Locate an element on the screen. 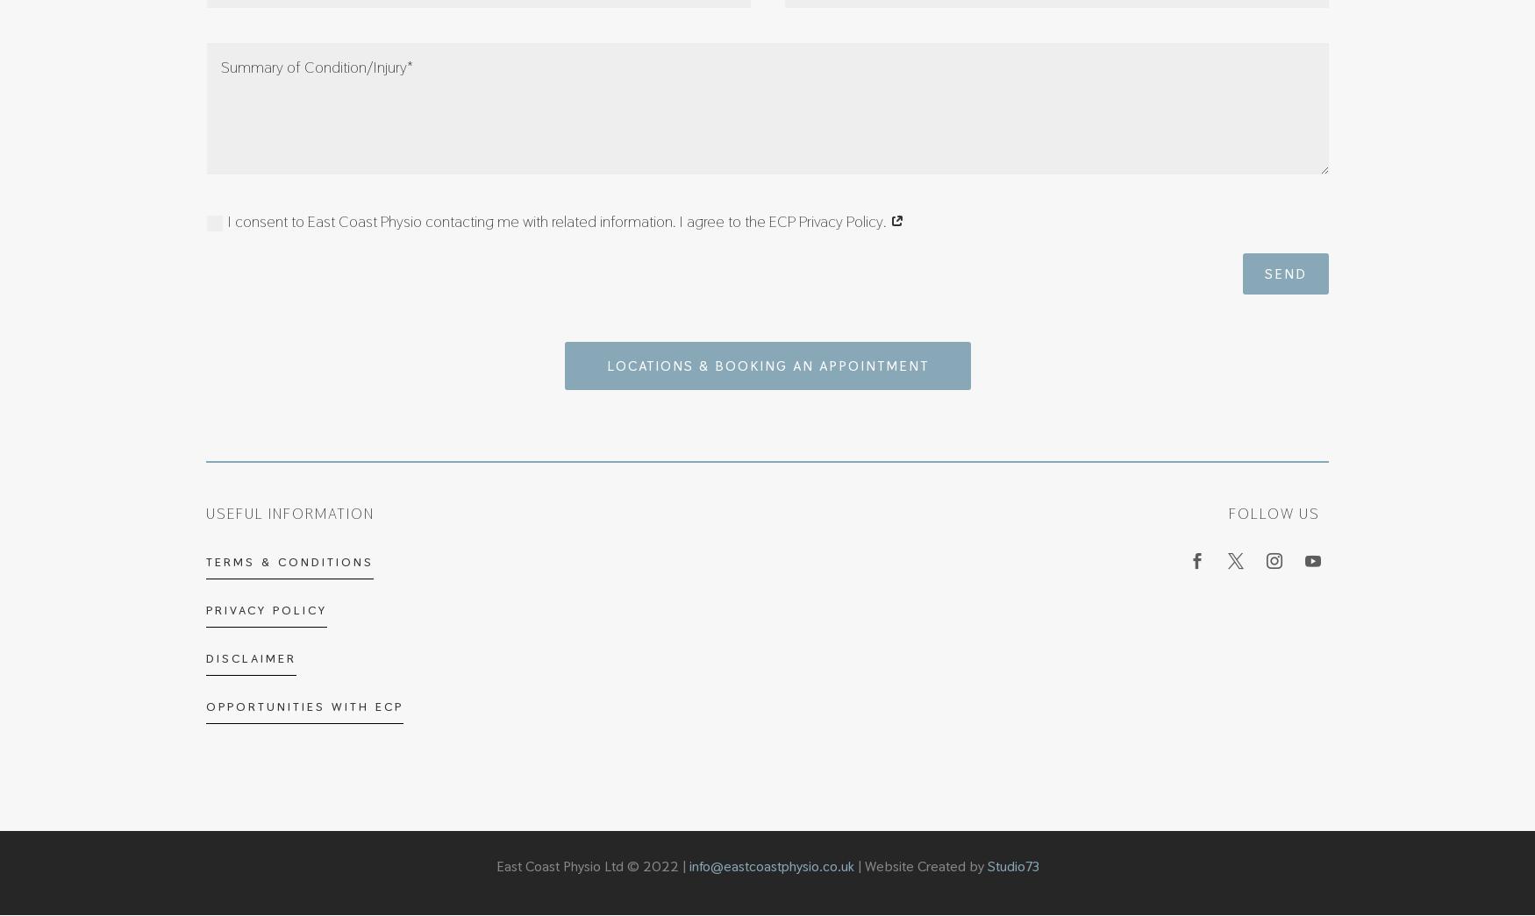  '| Website Created by' is located at coordinates (918, 864).